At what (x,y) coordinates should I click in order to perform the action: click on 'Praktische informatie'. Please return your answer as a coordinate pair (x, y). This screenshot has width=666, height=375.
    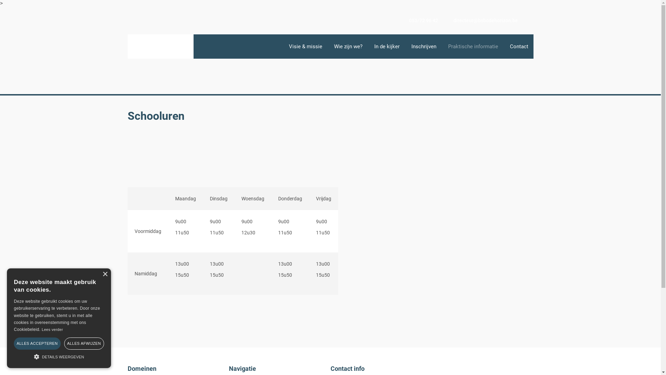
    Looking at the image, I should click on (472, 47).